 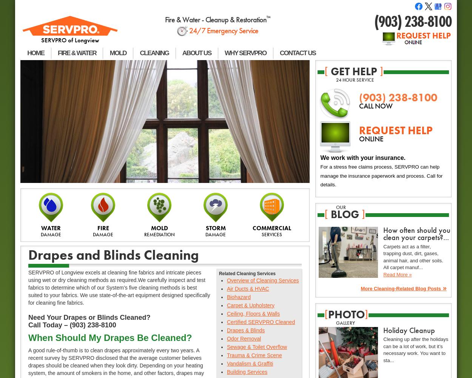 I want to click on 'When Should My Drapes Be Cleaned?', so click(x=110, y=337).